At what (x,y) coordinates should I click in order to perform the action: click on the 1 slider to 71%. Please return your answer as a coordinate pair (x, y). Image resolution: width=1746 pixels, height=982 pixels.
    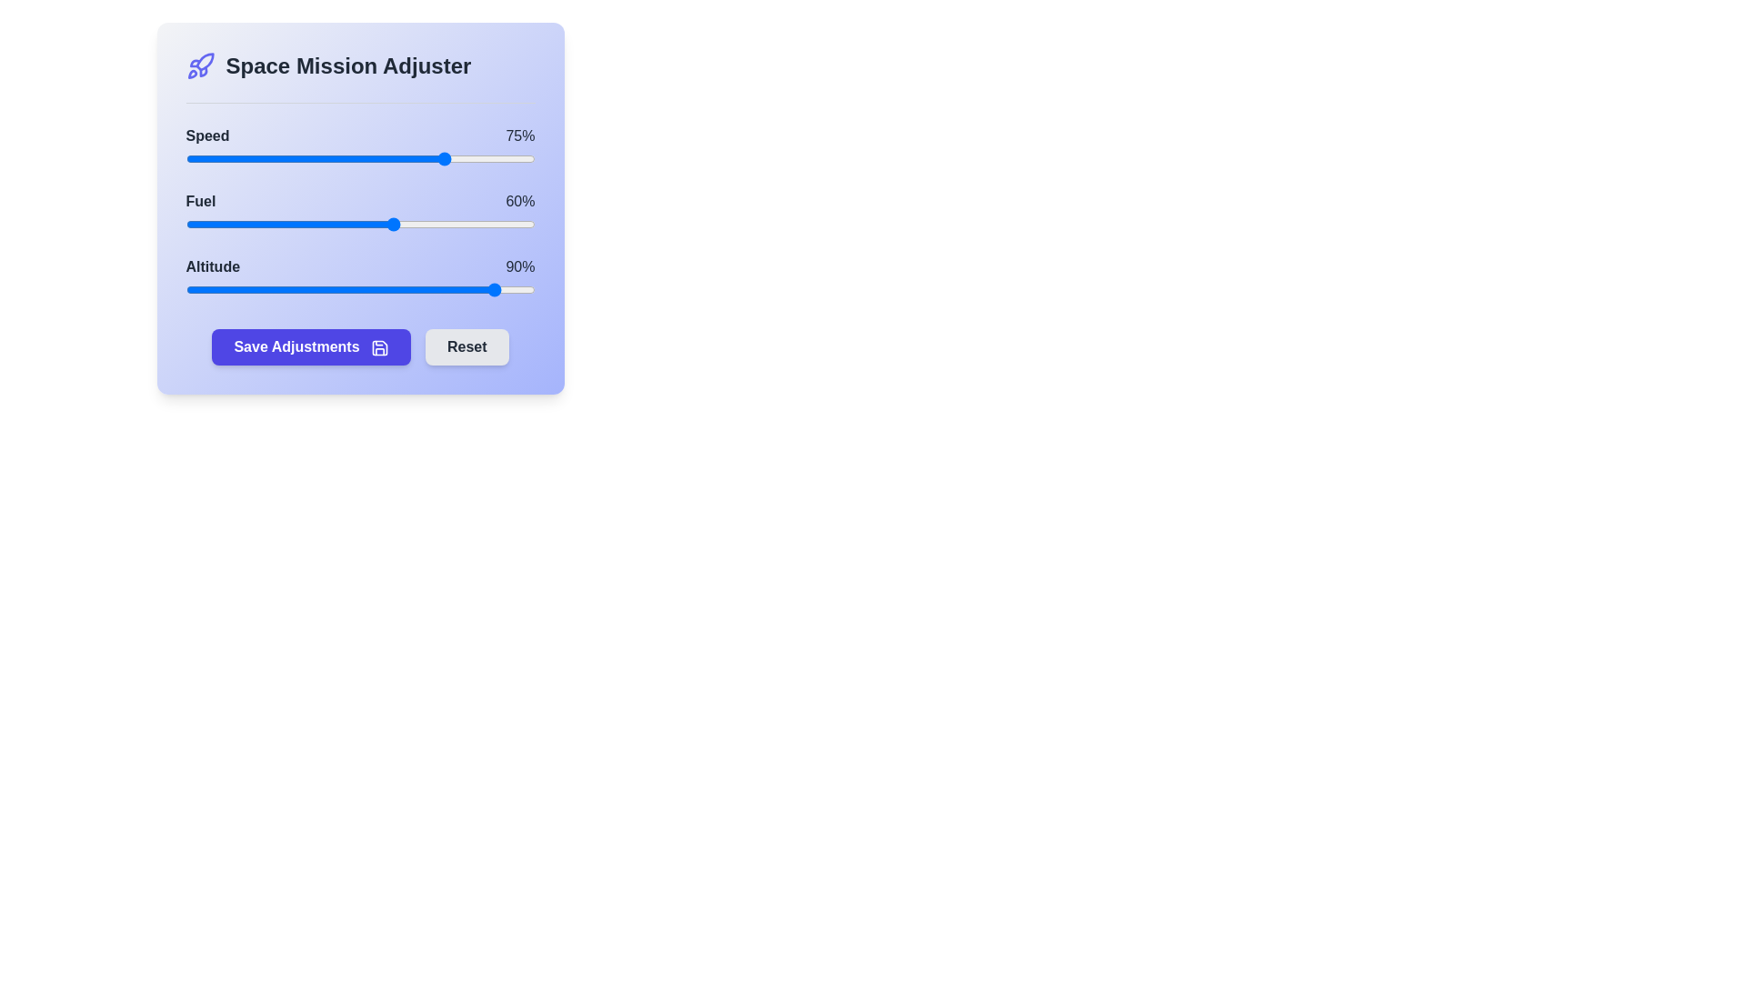
    Looking at the image, I should click on (433, 223).